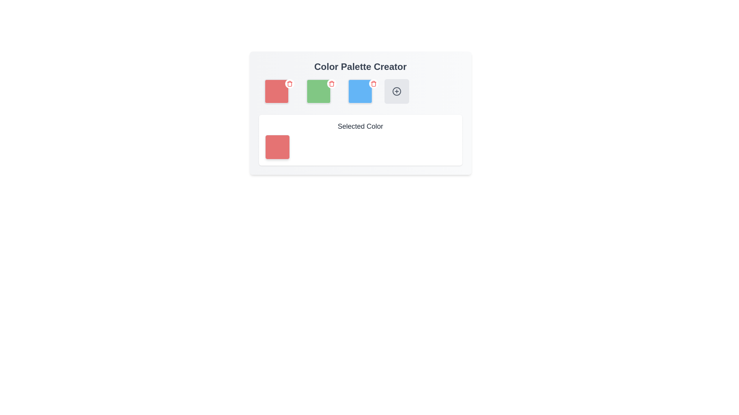 The height and width of the screenshot is (415, 739). Describe the element at coordinates (276, 91) in the screenshot. I see `the first red color swatch button in the Color Palette Creator application` at that location.